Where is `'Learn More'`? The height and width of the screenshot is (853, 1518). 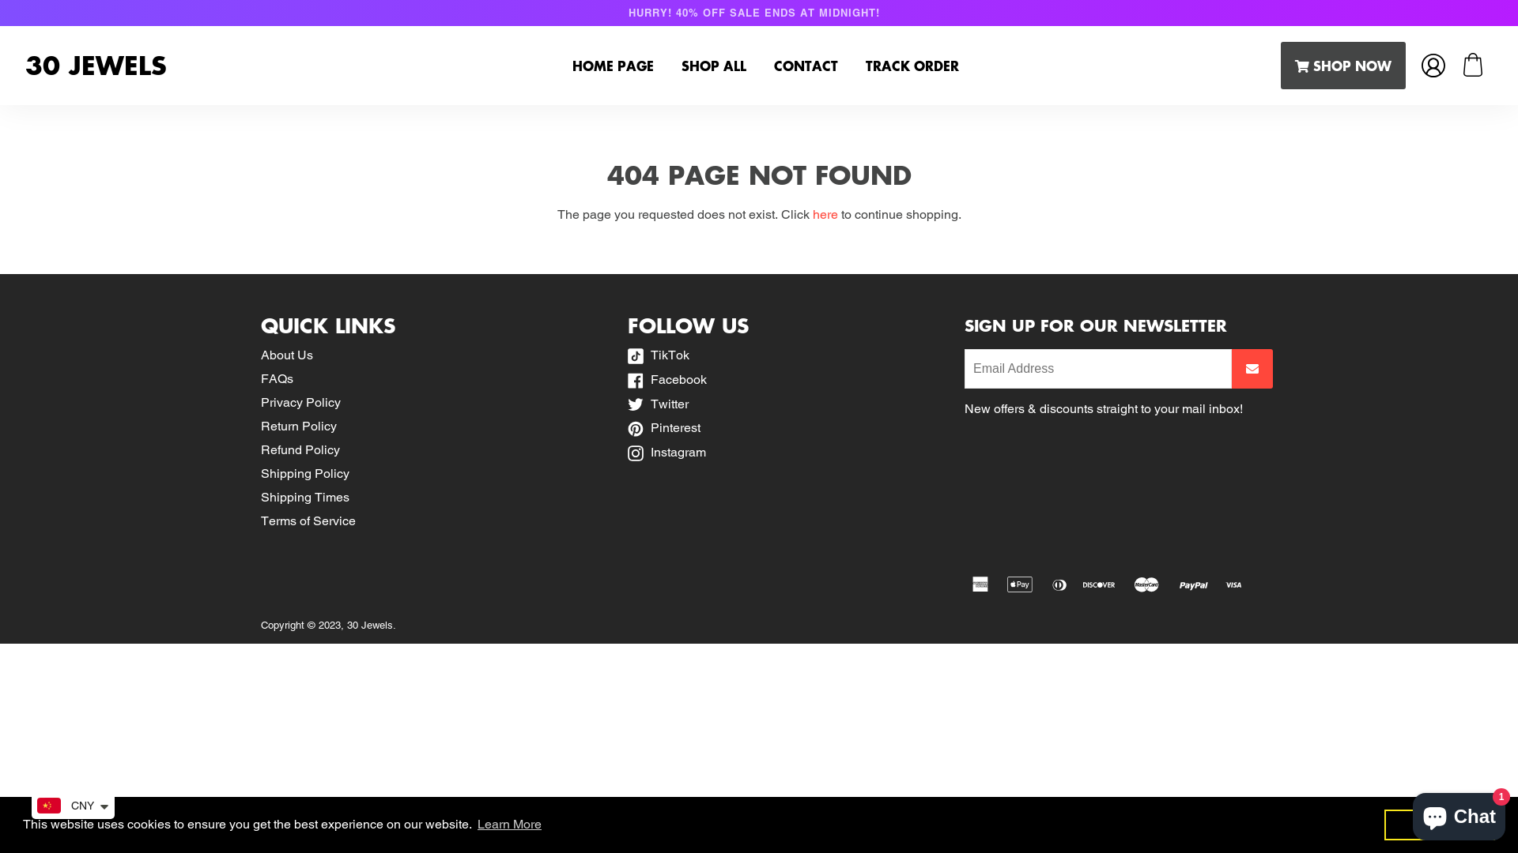
'Learn More' is located at coordinates (509, 824).